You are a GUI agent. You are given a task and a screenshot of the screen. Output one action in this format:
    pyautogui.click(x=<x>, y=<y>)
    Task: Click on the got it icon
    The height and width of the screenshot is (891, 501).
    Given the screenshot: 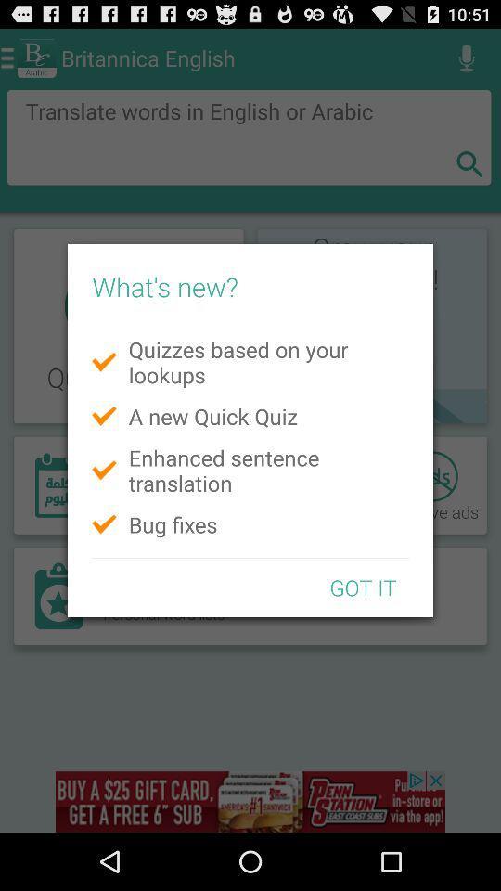 What is the action you would take?
    pyautogui.click(x=363, y=587)
    